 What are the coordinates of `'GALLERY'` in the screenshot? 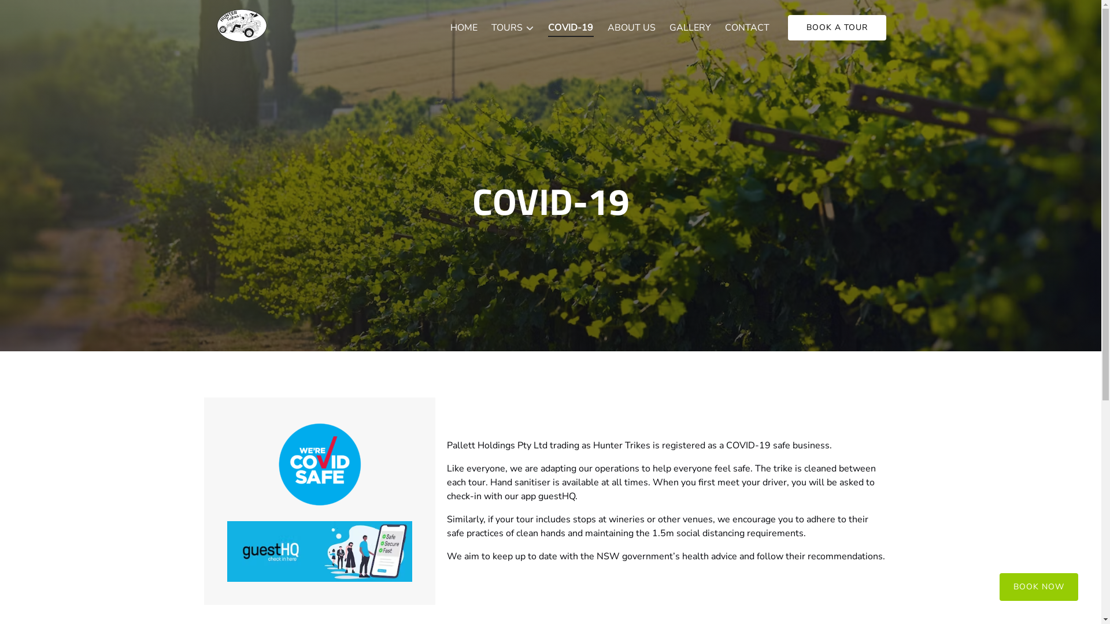 It's located at (663, 27).